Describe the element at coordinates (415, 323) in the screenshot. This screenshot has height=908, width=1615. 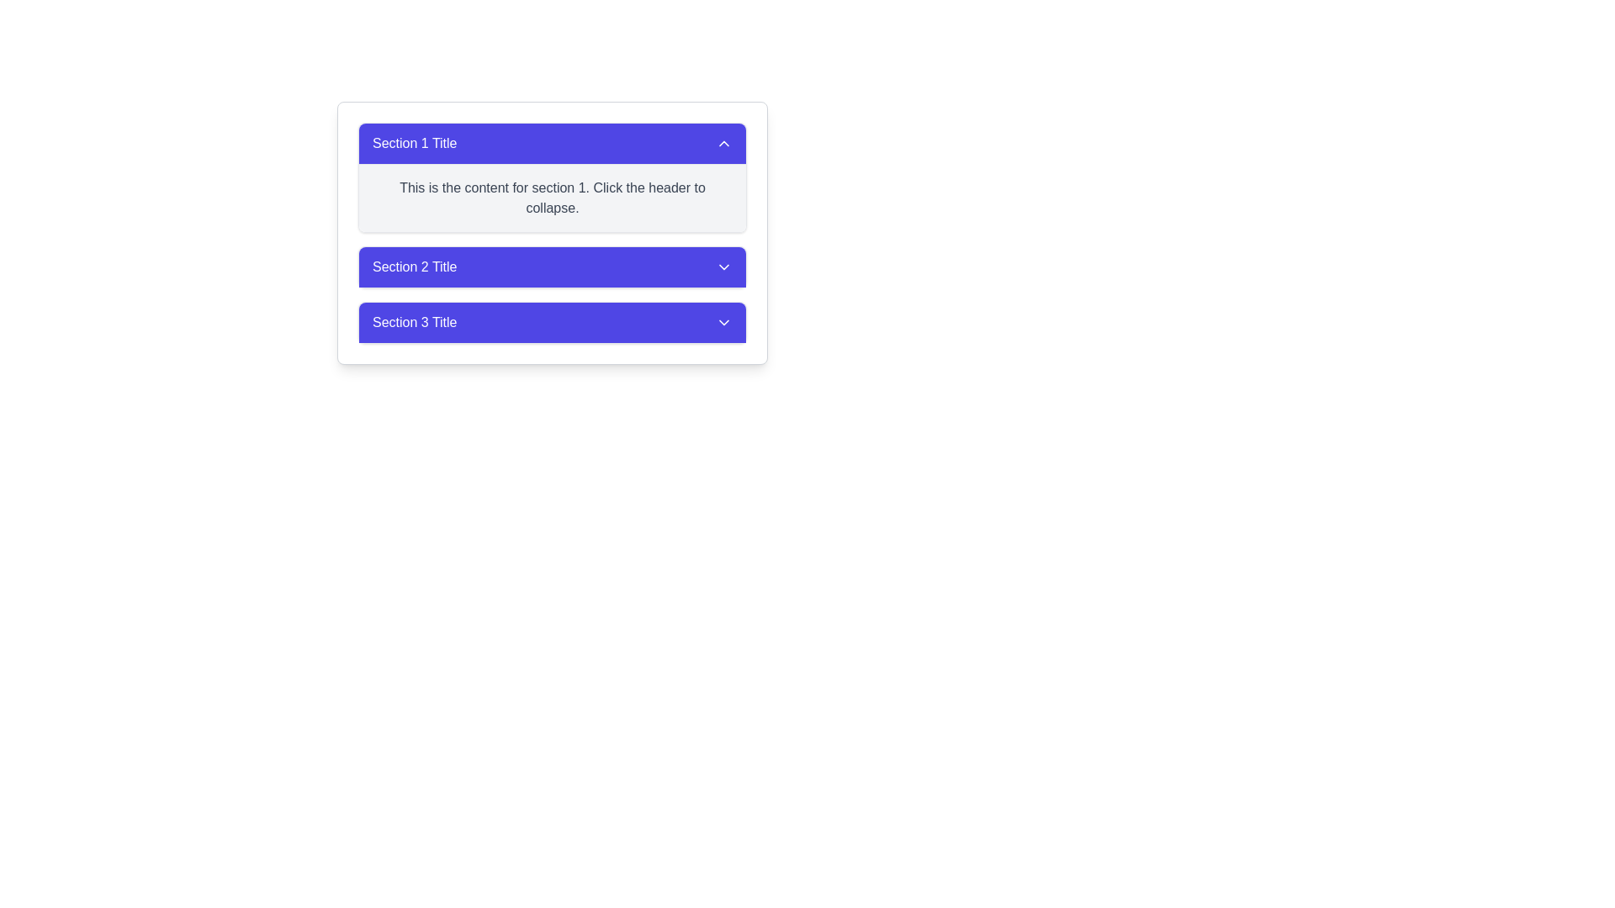
I see `the 'Section 3 Title' text display element, which is styled with white text on an indigo-blue background and is positioned in the collapsible header section labeled 'Section 3'` at that location.